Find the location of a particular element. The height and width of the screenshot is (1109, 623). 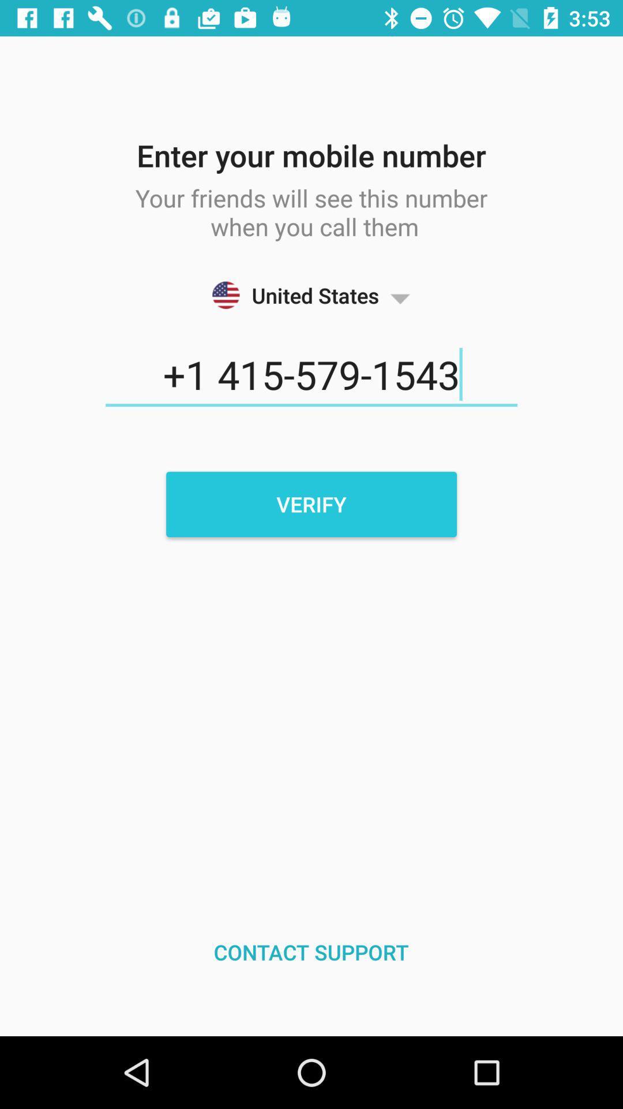

verify icon is located at coordinates (311, 504).